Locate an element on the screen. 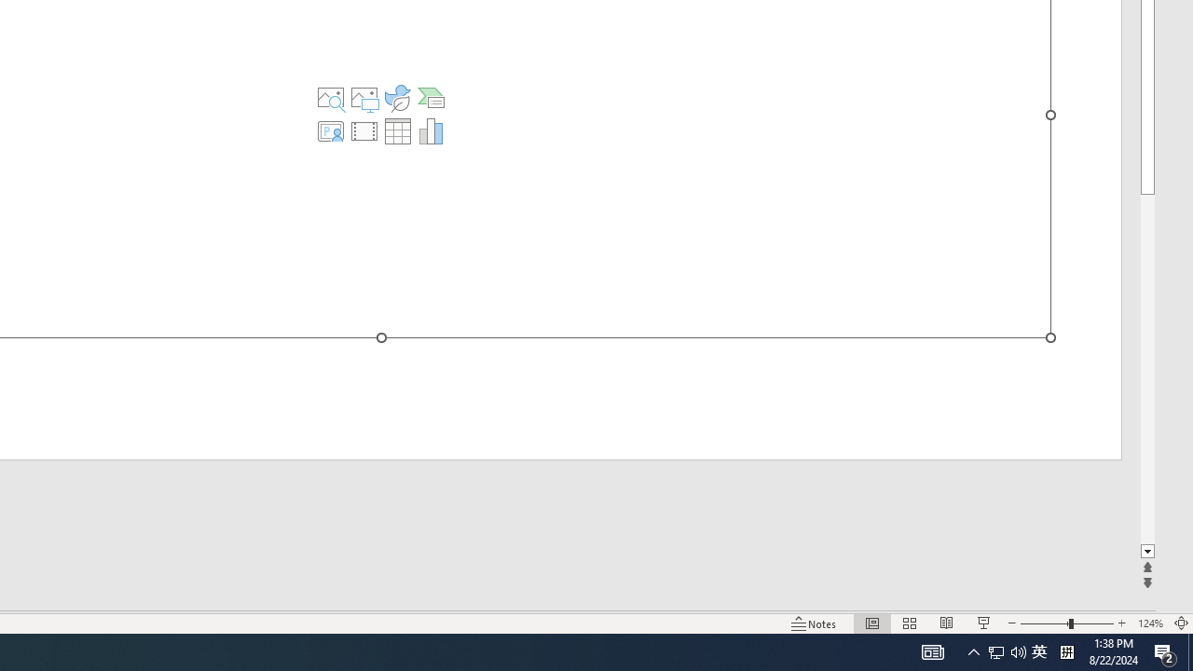  'Insert an Icon' is located at coordinates (396, 98).